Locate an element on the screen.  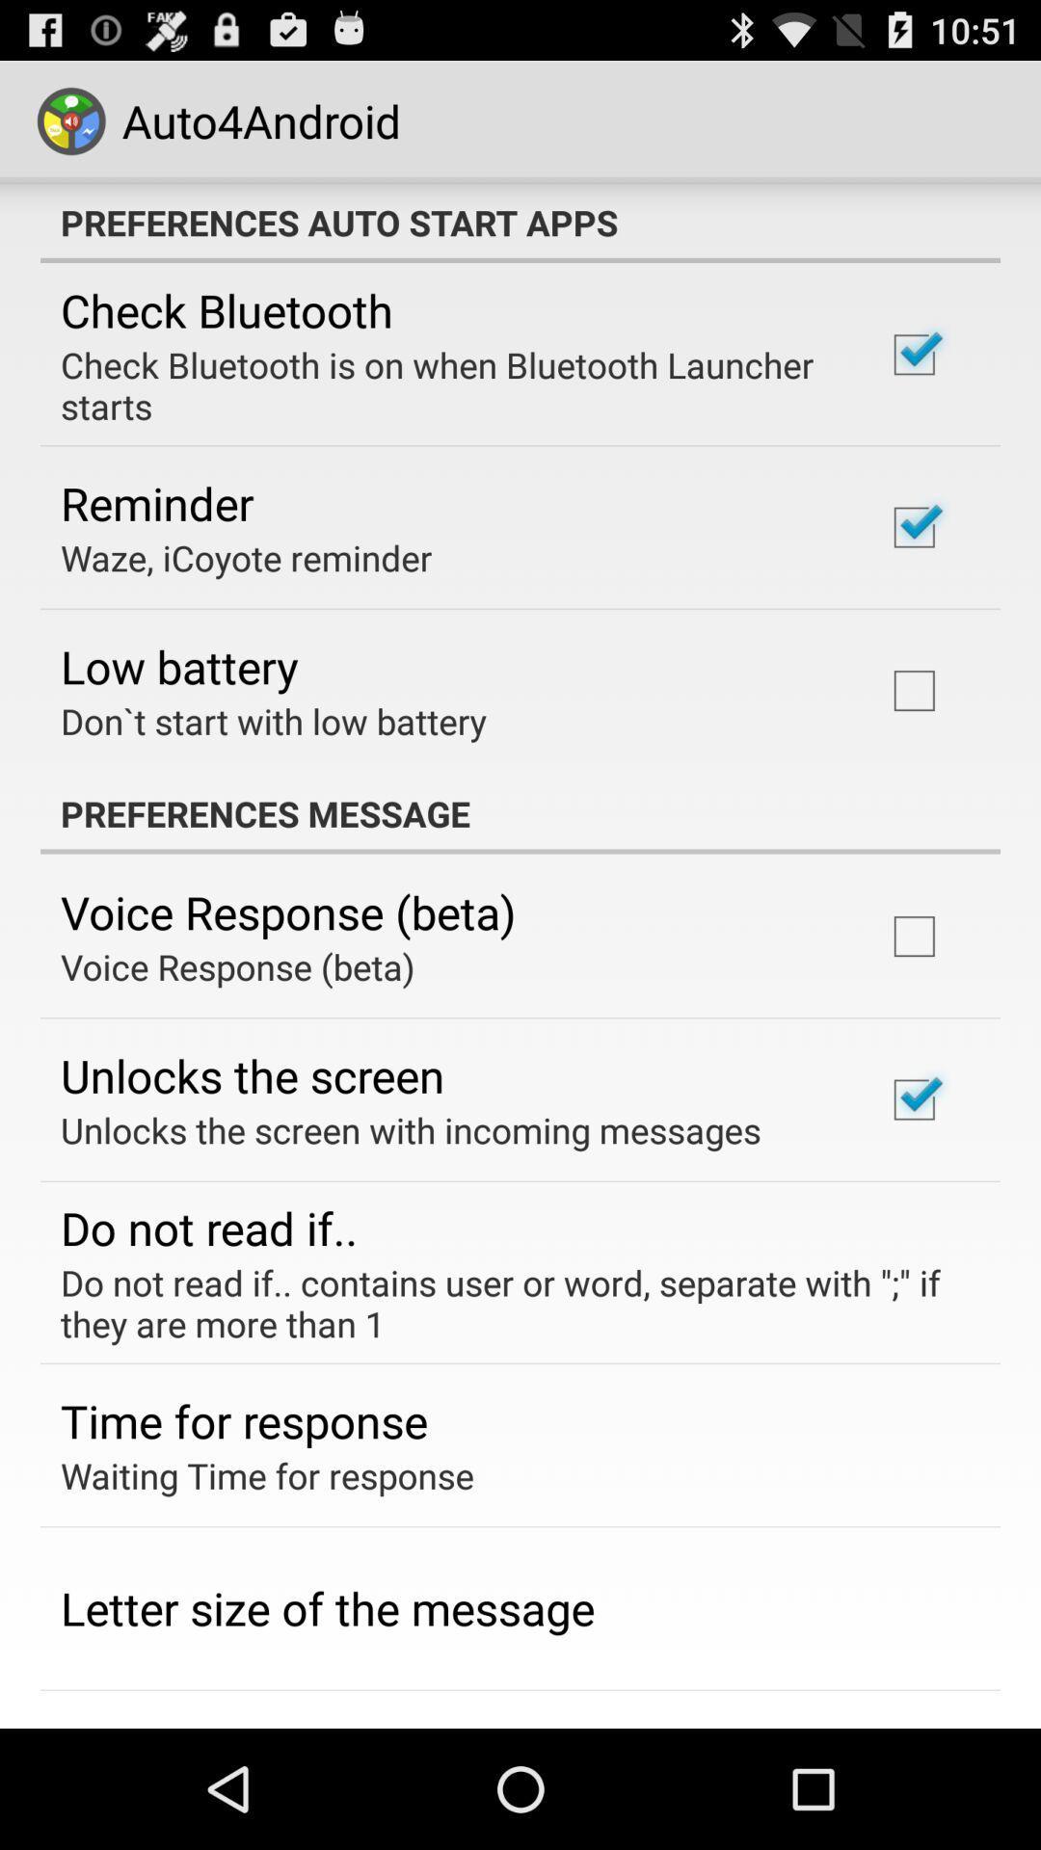
item below waiting time for app is located at coordinates (327, 1608).